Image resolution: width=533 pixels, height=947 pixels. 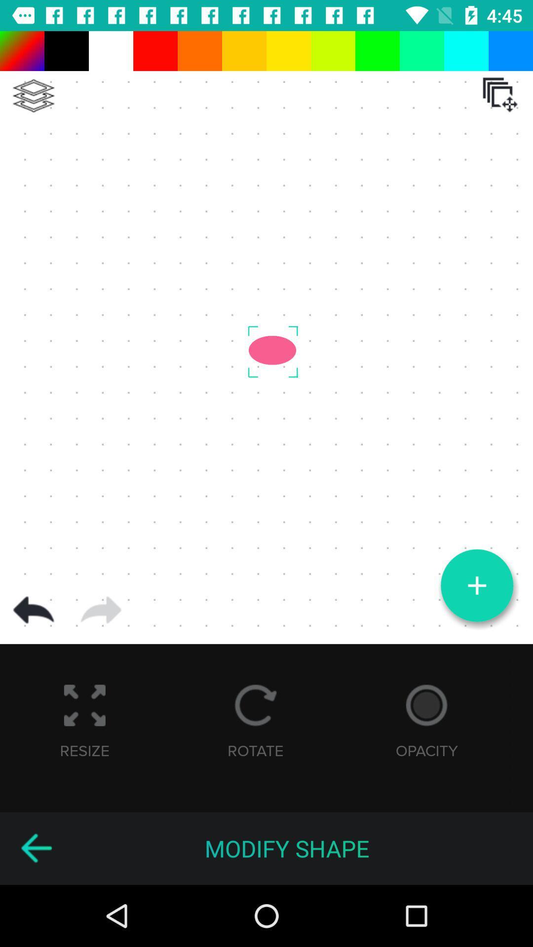 What do you see at coordinates (36, 848) in the screenshot?
I see `lets you create powerful branding for your business in a matter of minutes` at bounding box center [36, 848].